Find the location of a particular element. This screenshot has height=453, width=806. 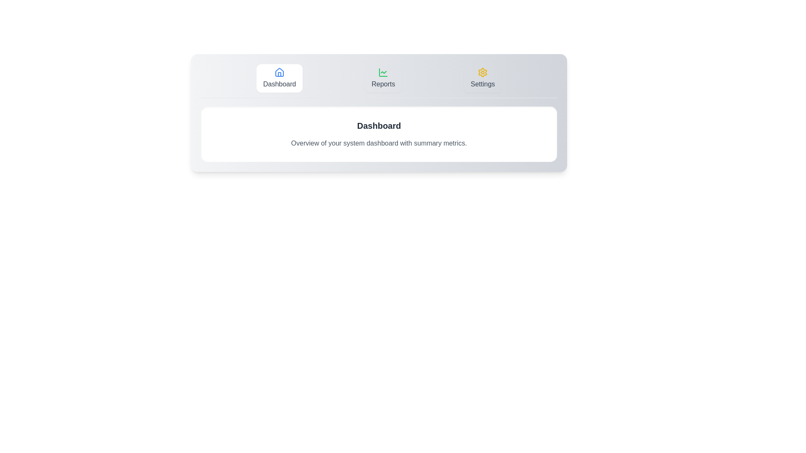

the Reports tab to switch to its content view is located at coordinates (383, 78).